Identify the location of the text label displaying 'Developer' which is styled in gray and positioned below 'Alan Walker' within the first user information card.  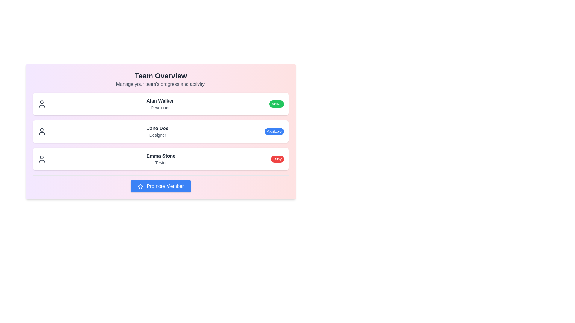
(160, 107).